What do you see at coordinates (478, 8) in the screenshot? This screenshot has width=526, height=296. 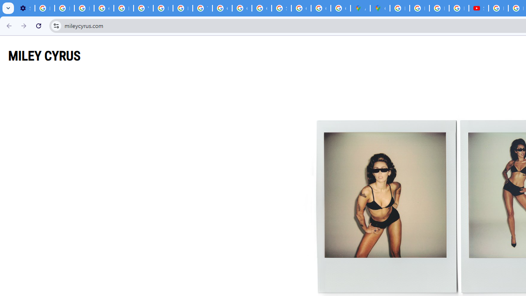 I see `'Subscriptions - YouTube'` at bounding box center [478, 8].